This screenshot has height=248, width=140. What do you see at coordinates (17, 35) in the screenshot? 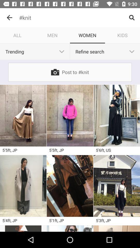
I see `the item to the left of men icon` at bounding box center [17, 35].